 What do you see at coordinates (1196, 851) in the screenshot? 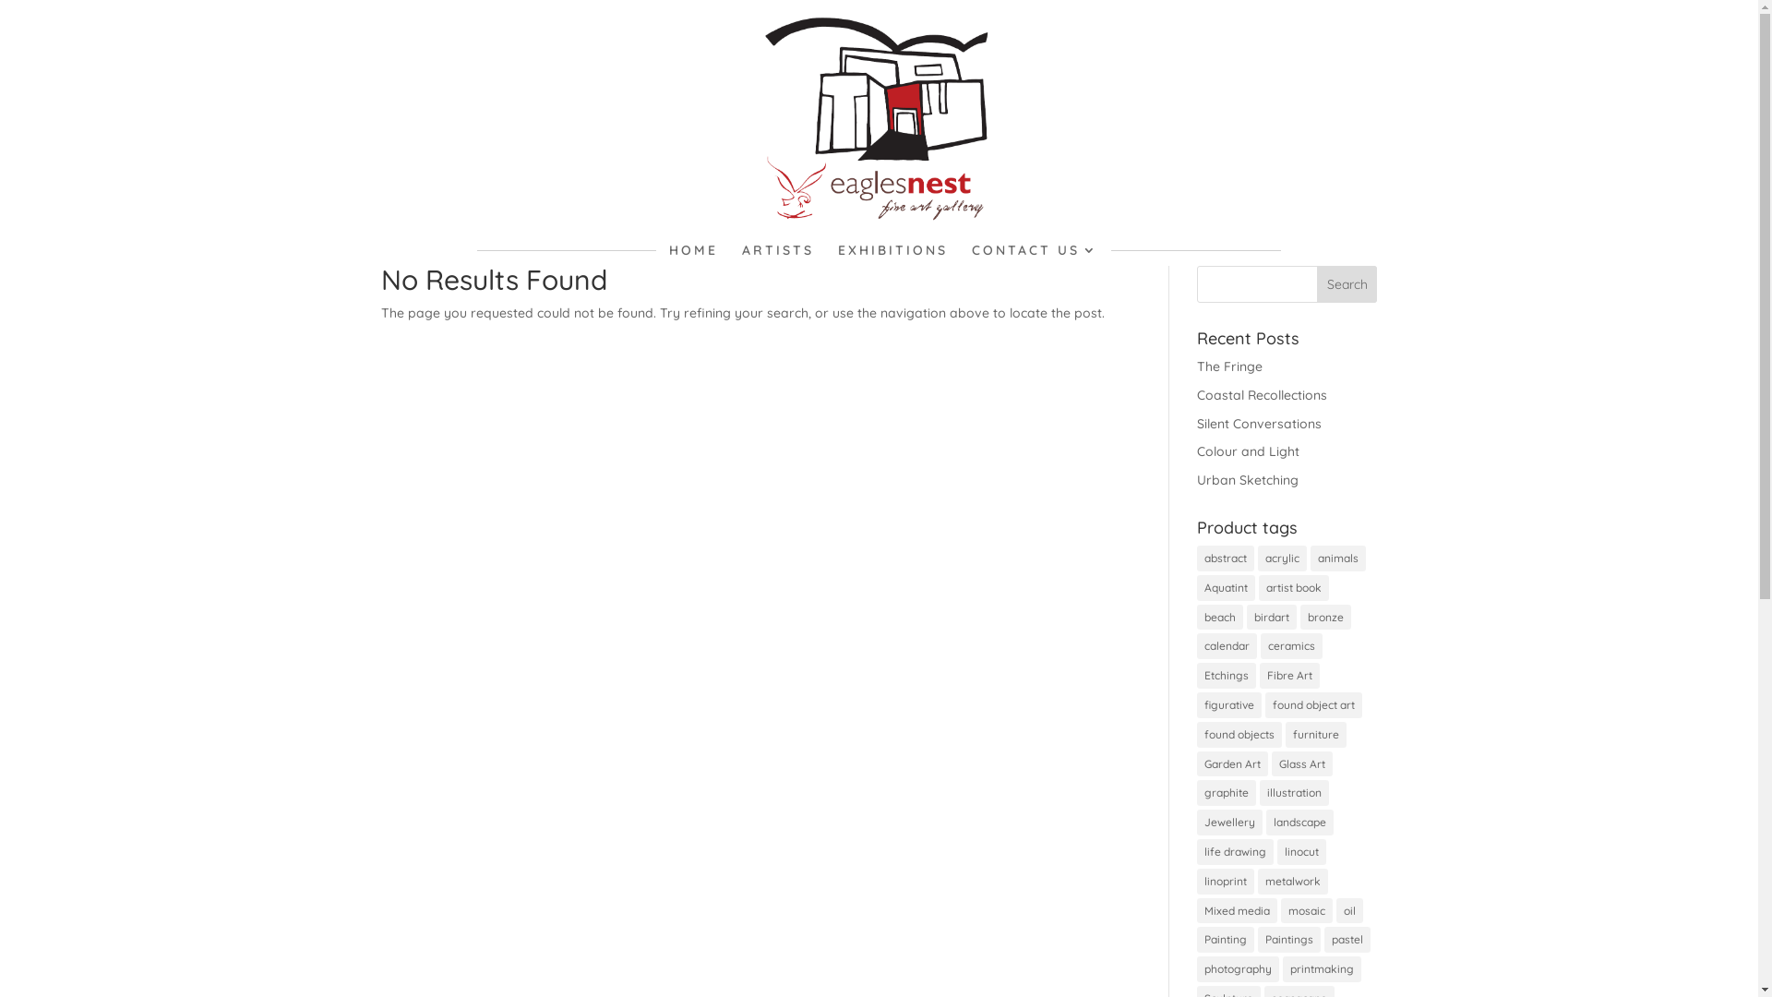
I see `'life drawing'` at bounding box center [1196, 851].